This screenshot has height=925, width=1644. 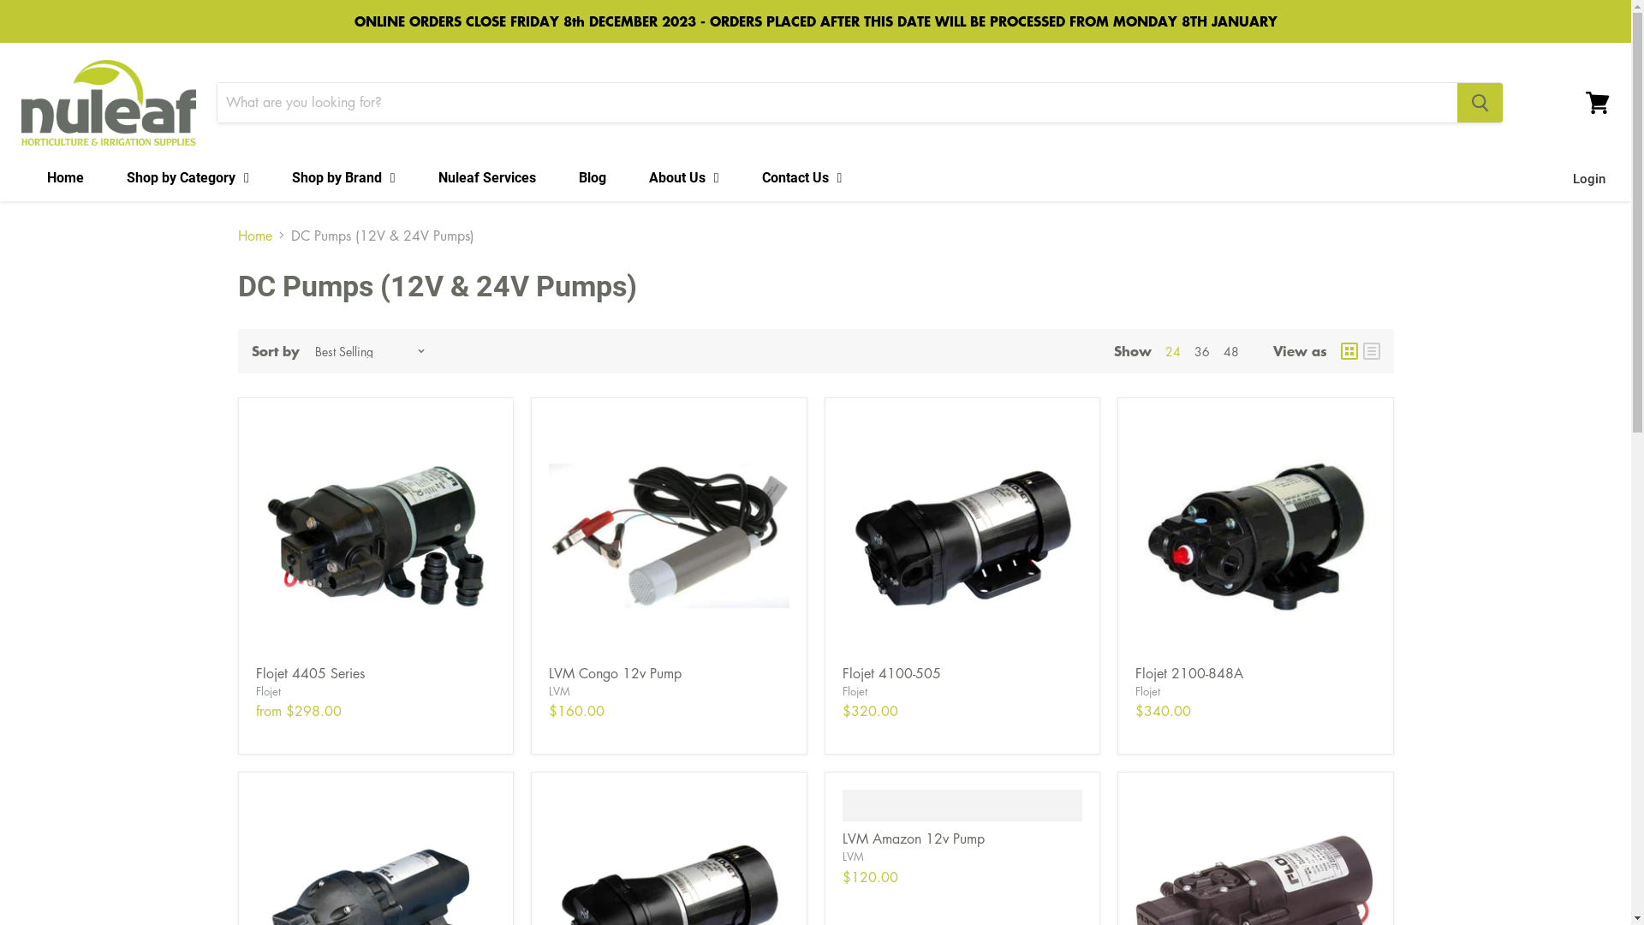 What do you see at coordinates (183, 177) in the screenshot?
I see `'Shop by Category'` at bounding box center [183, 177].